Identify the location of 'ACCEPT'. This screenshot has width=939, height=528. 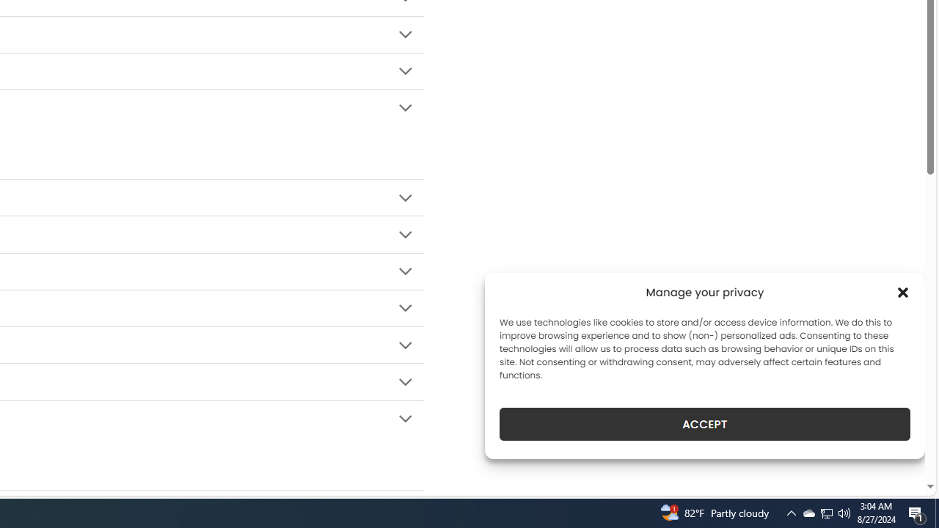
(705, 424).